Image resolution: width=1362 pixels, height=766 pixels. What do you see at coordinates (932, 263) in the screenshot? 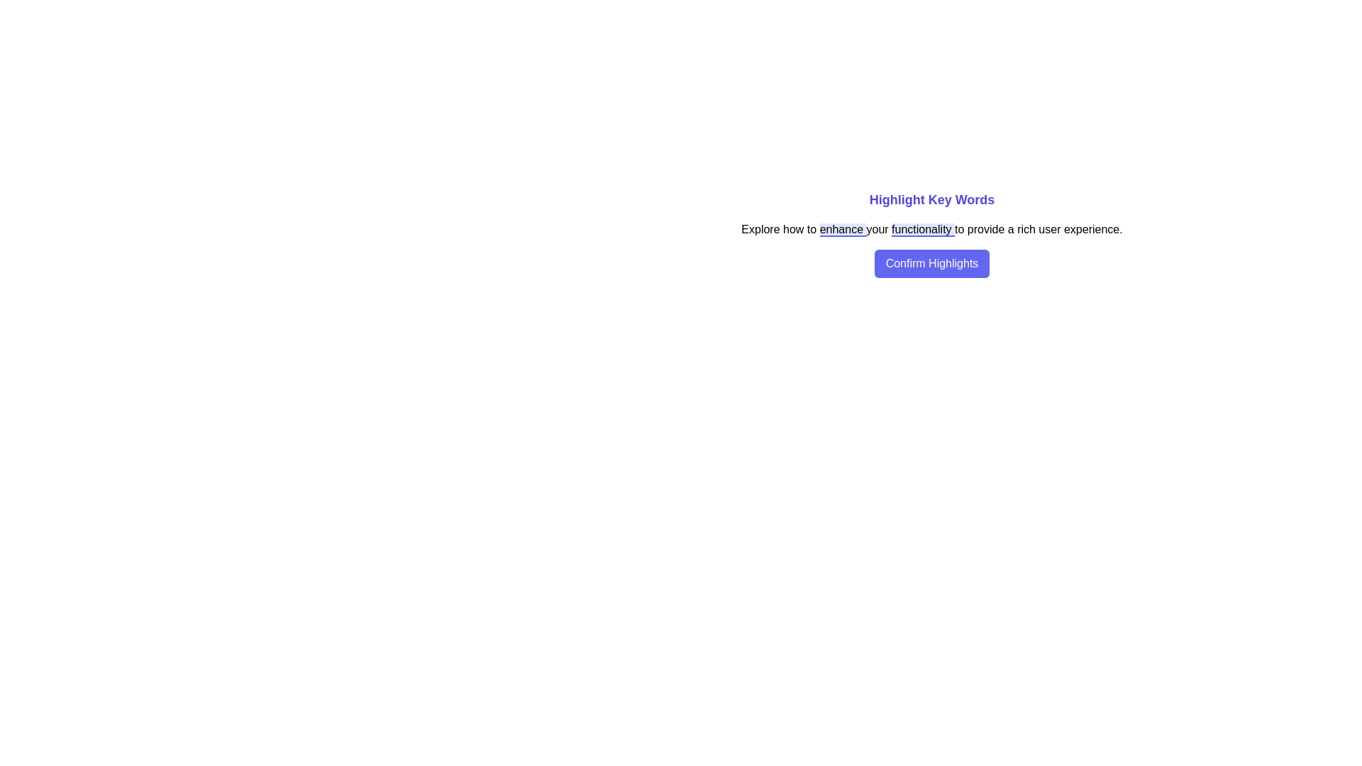
I see `the 'Confirm Highlights' button` at bounding box center [932, 263].